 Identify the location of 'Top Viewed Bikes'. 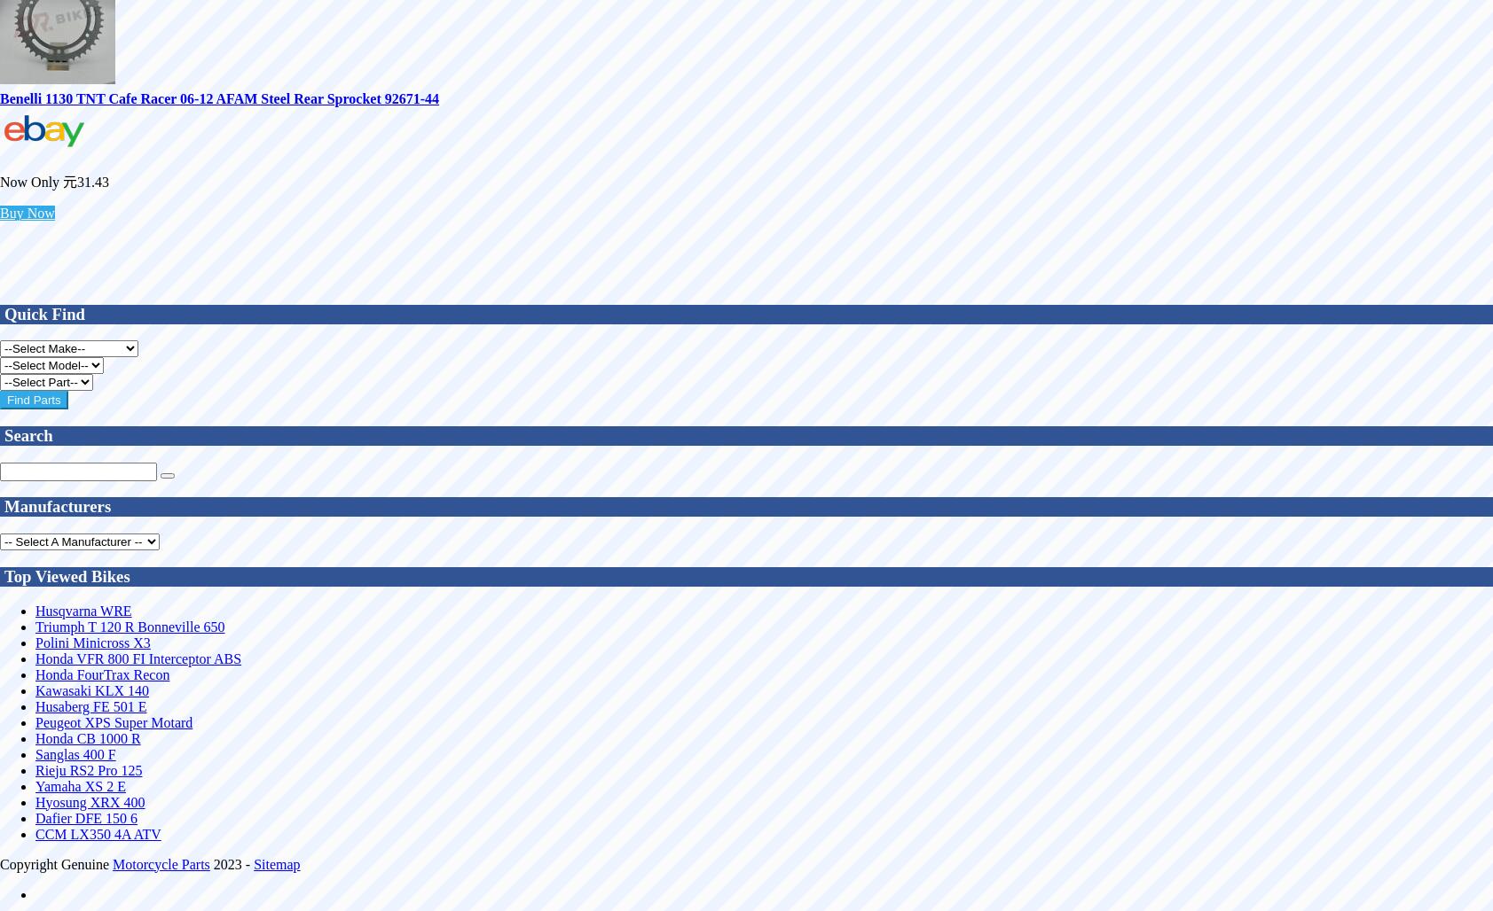
(66, 575).